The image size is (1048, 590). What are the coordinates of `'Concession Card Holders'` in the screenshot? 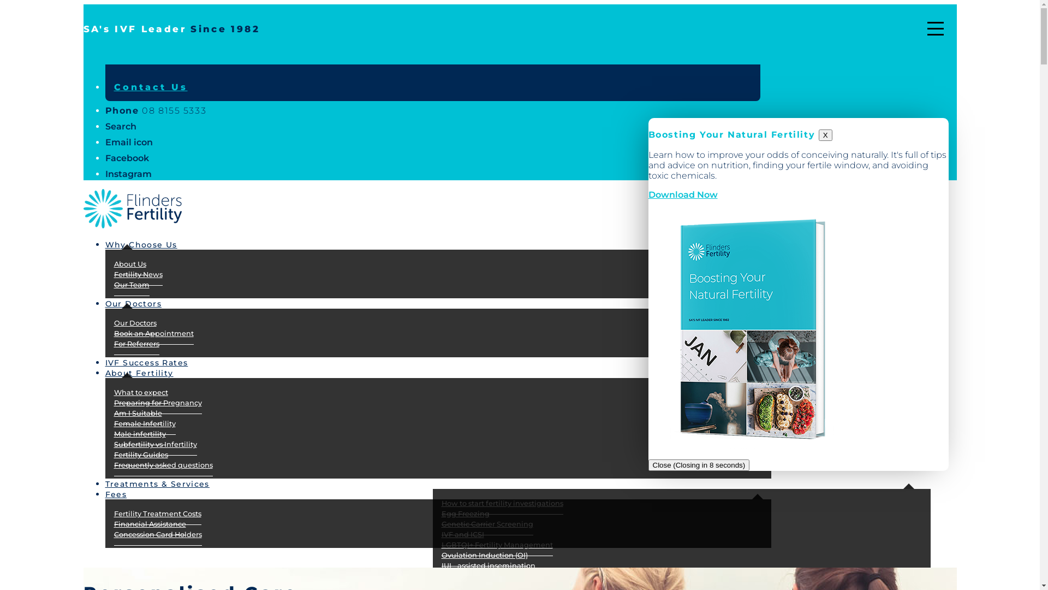 It's located at (157, 534).